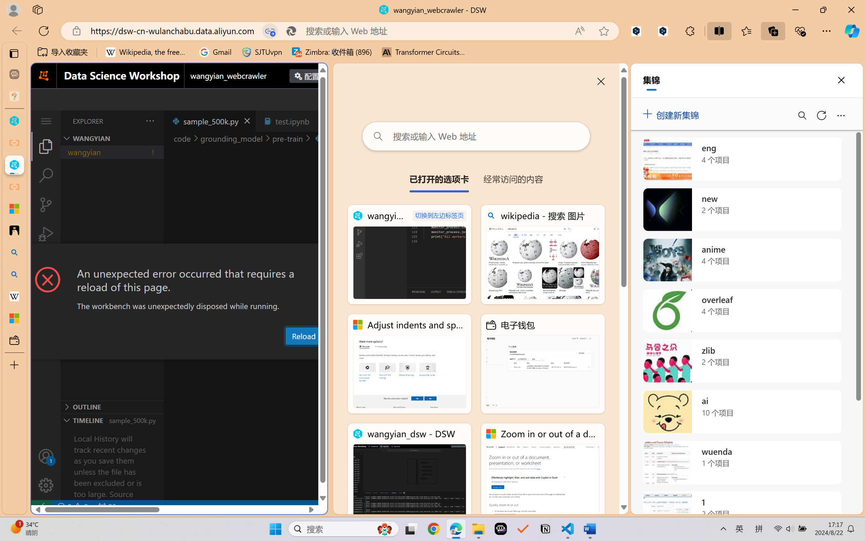 The width and height of the screenshot is (865, 541). I want to click on 'Copilot (Ctrl+Shift+.)', so click(852, 31).